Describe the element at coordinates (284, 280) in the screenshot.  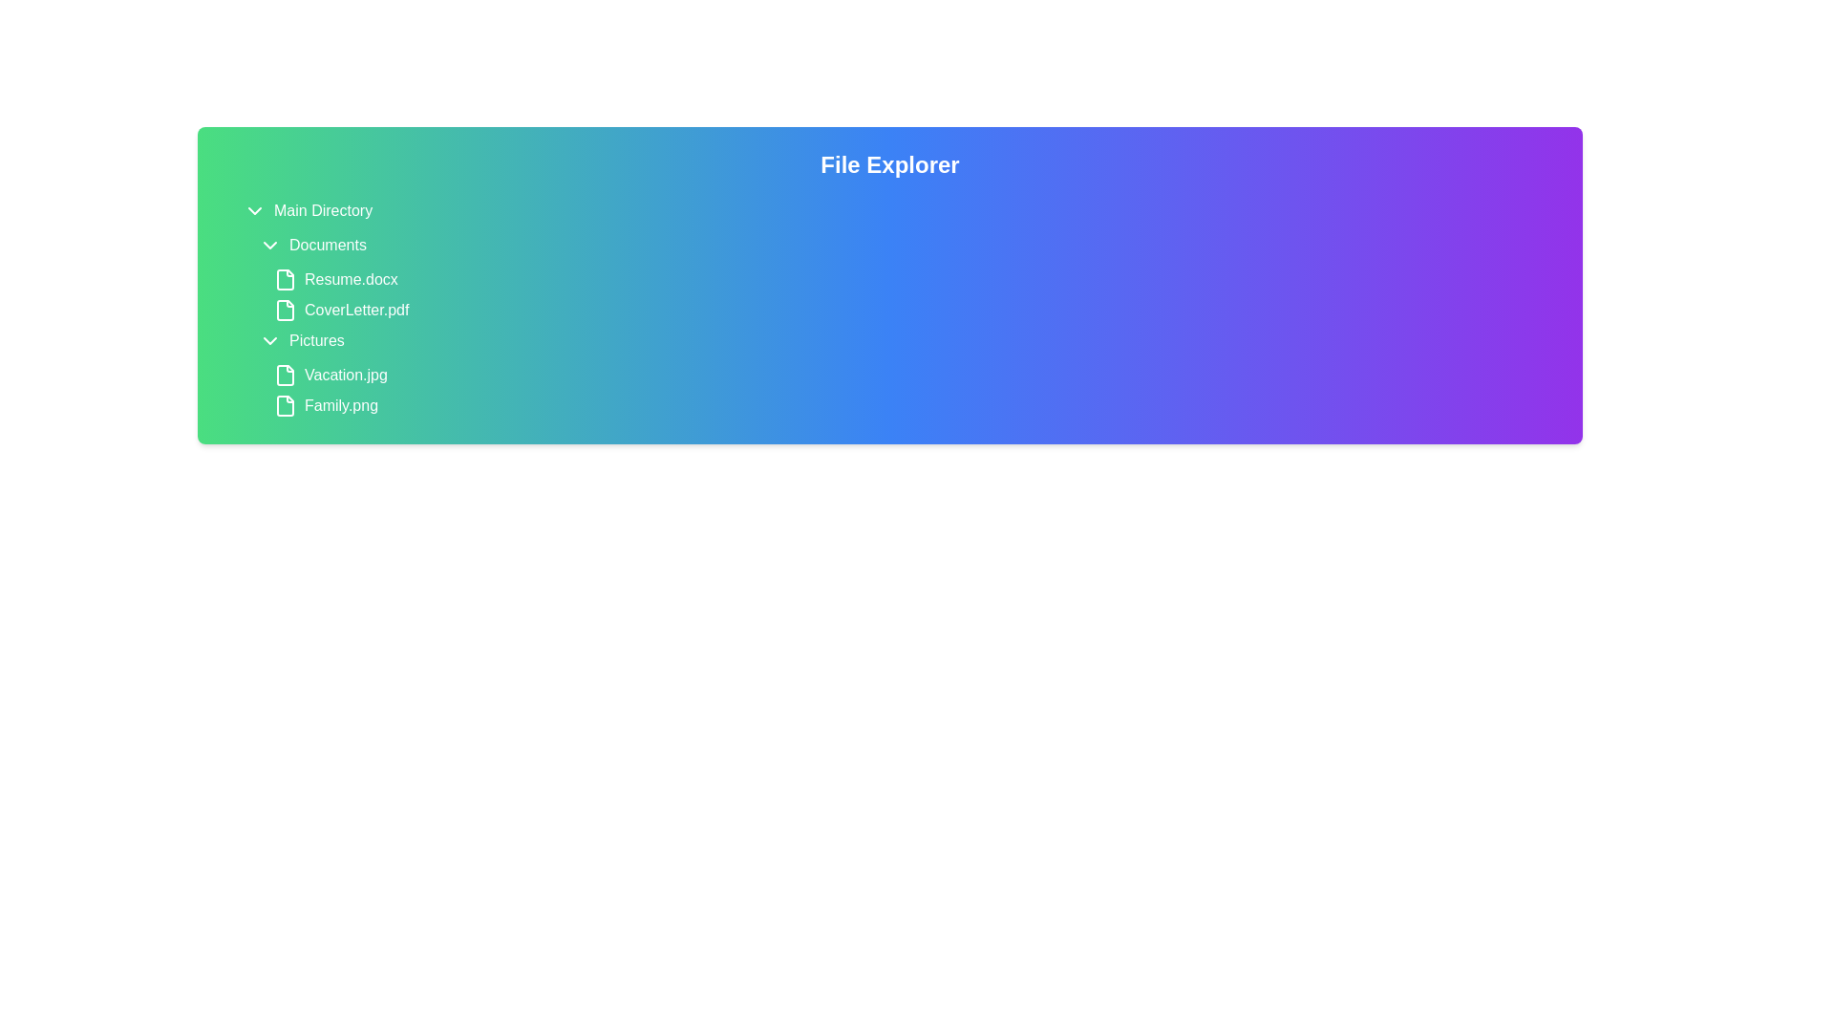
I see `the document file icon with a green background and white outlines, located directly to the left of 'Resume.docx' in the Documents folder section` at that location.